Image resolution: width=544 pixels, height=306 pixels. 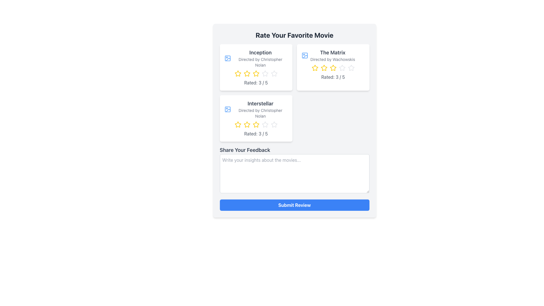 I want to click on the small square icon with rounded corners located at the top left corner of the 'Inception' card, adjacent to the card title, so click(x=228, y=58).